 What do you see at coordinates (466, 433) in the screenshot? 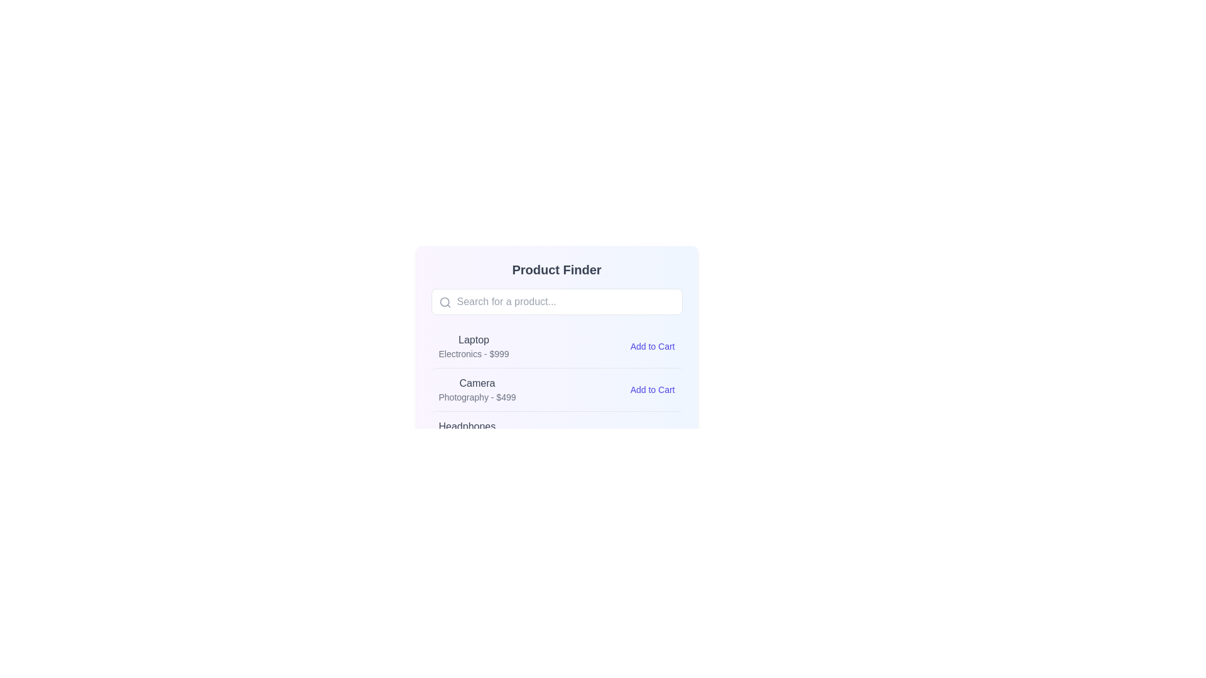
I see `the textual information displayed in the 'Headphones' text block, which includes the price of '$199'` at bounding box center [466, 433].